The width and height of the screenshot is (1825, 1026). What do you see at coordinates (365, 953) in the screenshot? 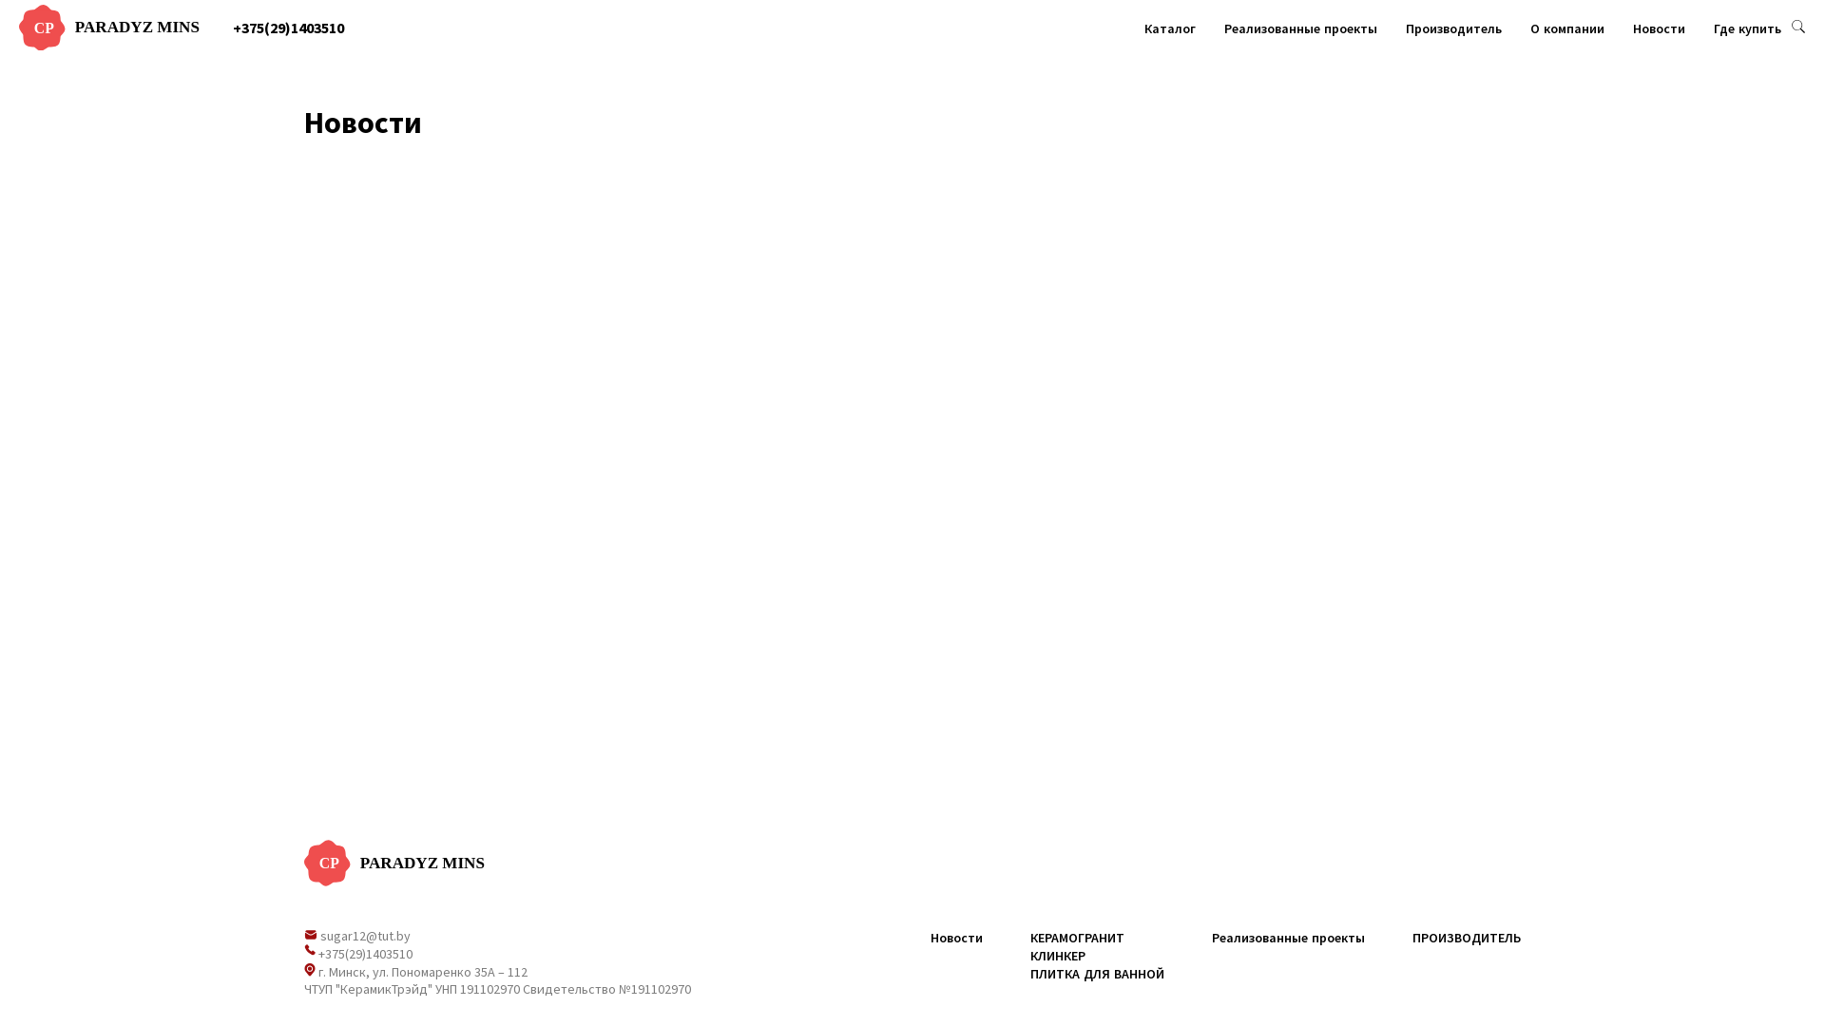
I see `'+375(29)1403510'` at bounding box center [365, 953].